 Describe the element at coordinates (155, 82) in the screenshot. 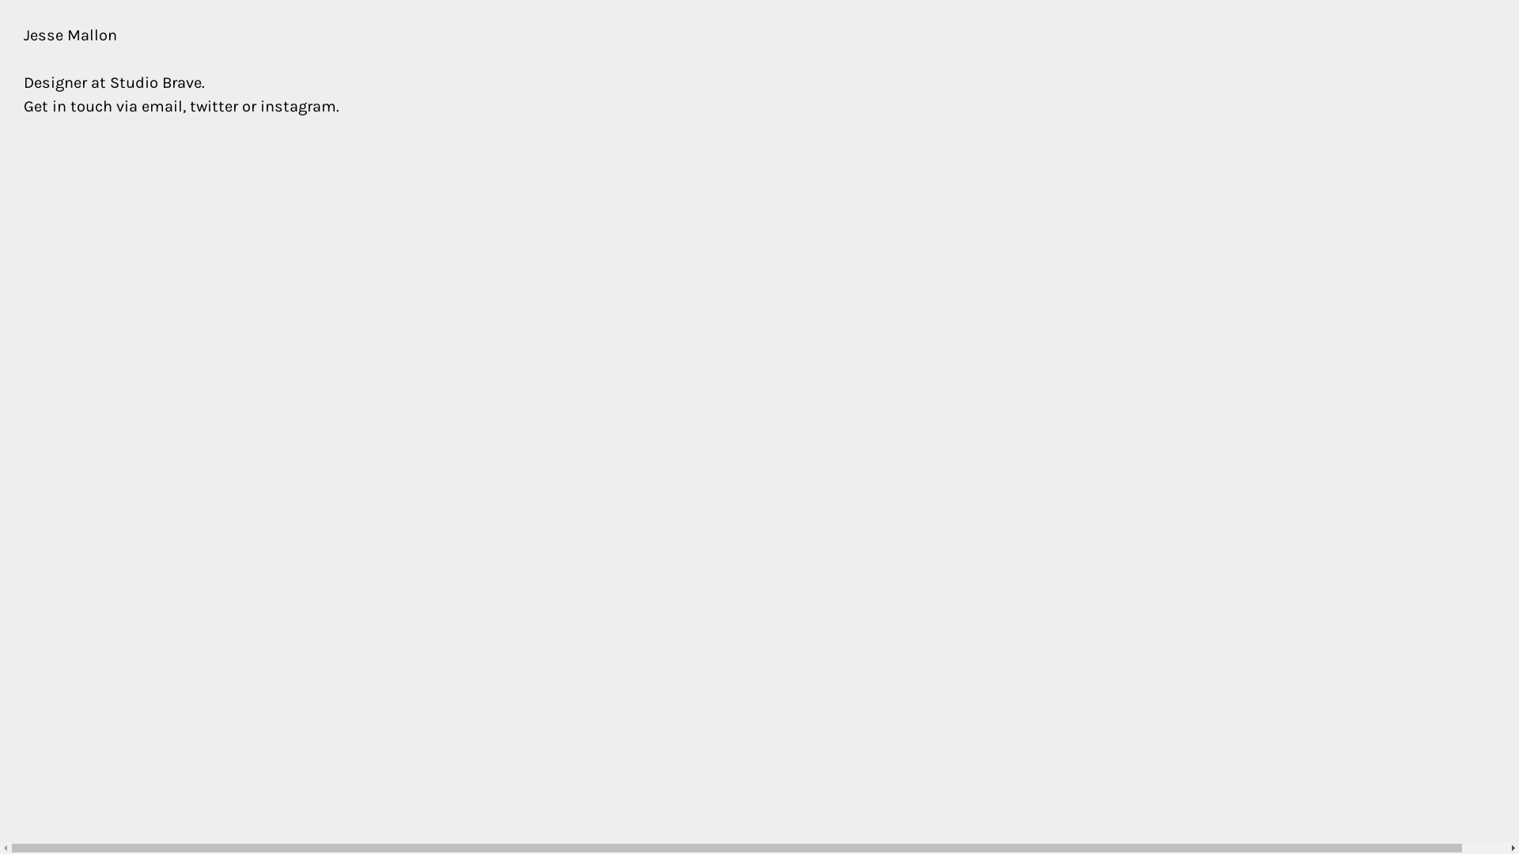

I see `'Studio Brave'` at that location.